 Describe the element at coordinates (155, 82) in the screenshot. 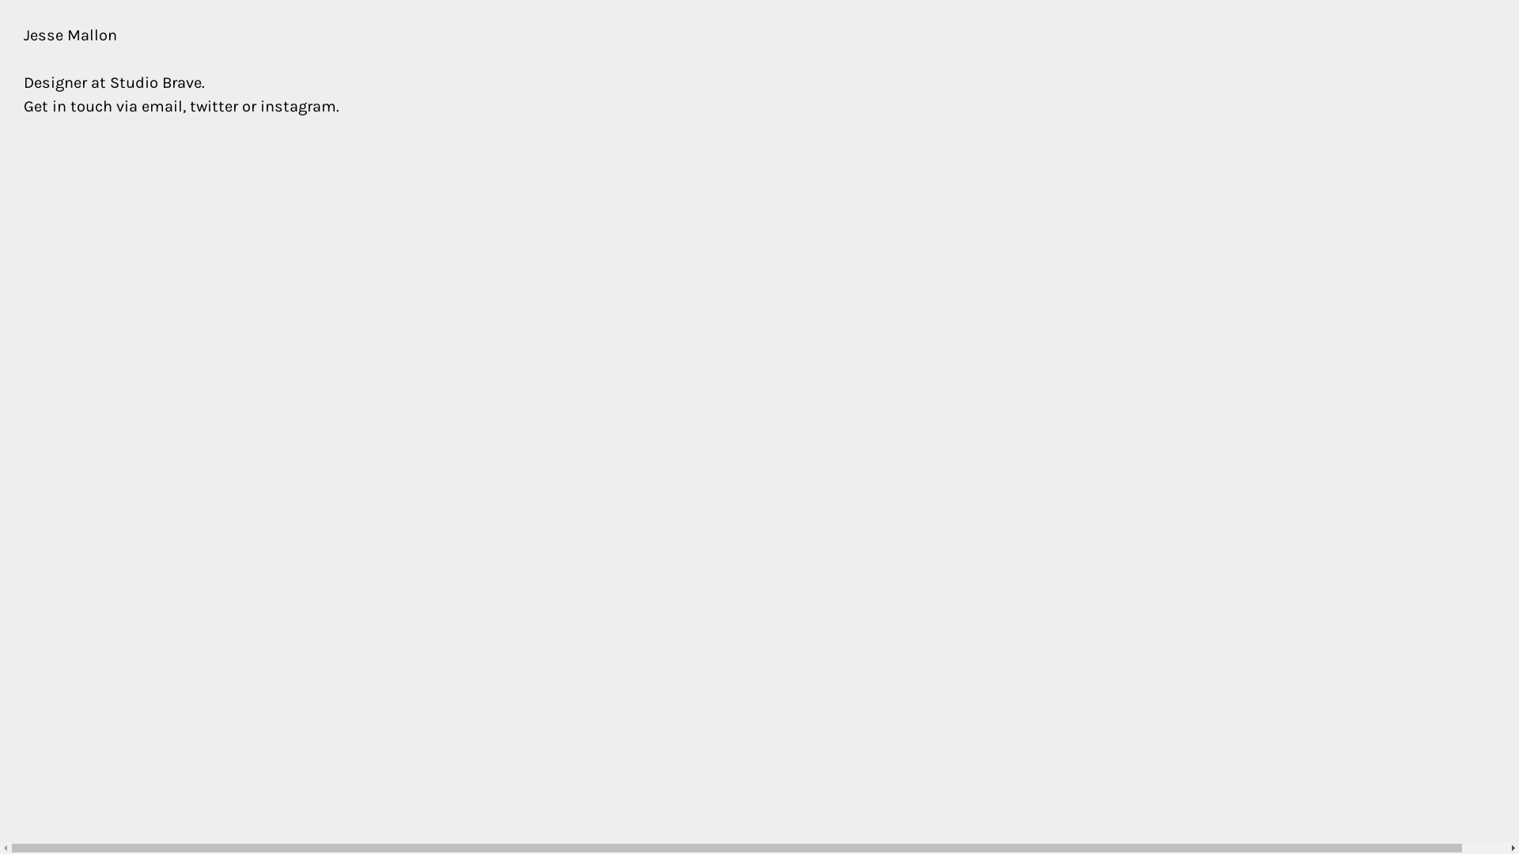

I see `'Studio Brave'` at that location.